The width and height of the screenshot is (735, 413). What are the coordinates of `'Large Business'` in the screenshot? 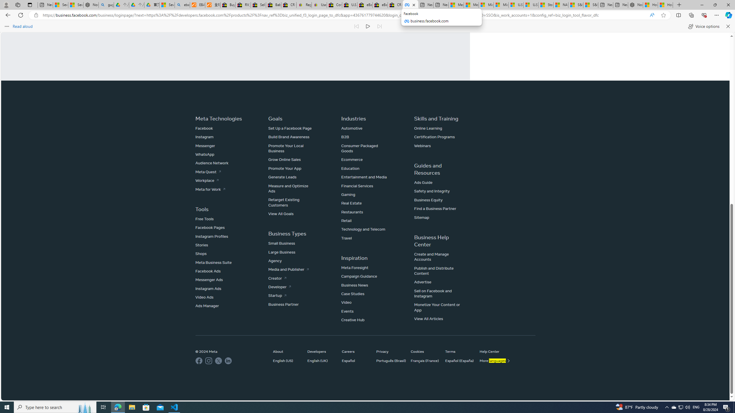 It's located at (282, 252).